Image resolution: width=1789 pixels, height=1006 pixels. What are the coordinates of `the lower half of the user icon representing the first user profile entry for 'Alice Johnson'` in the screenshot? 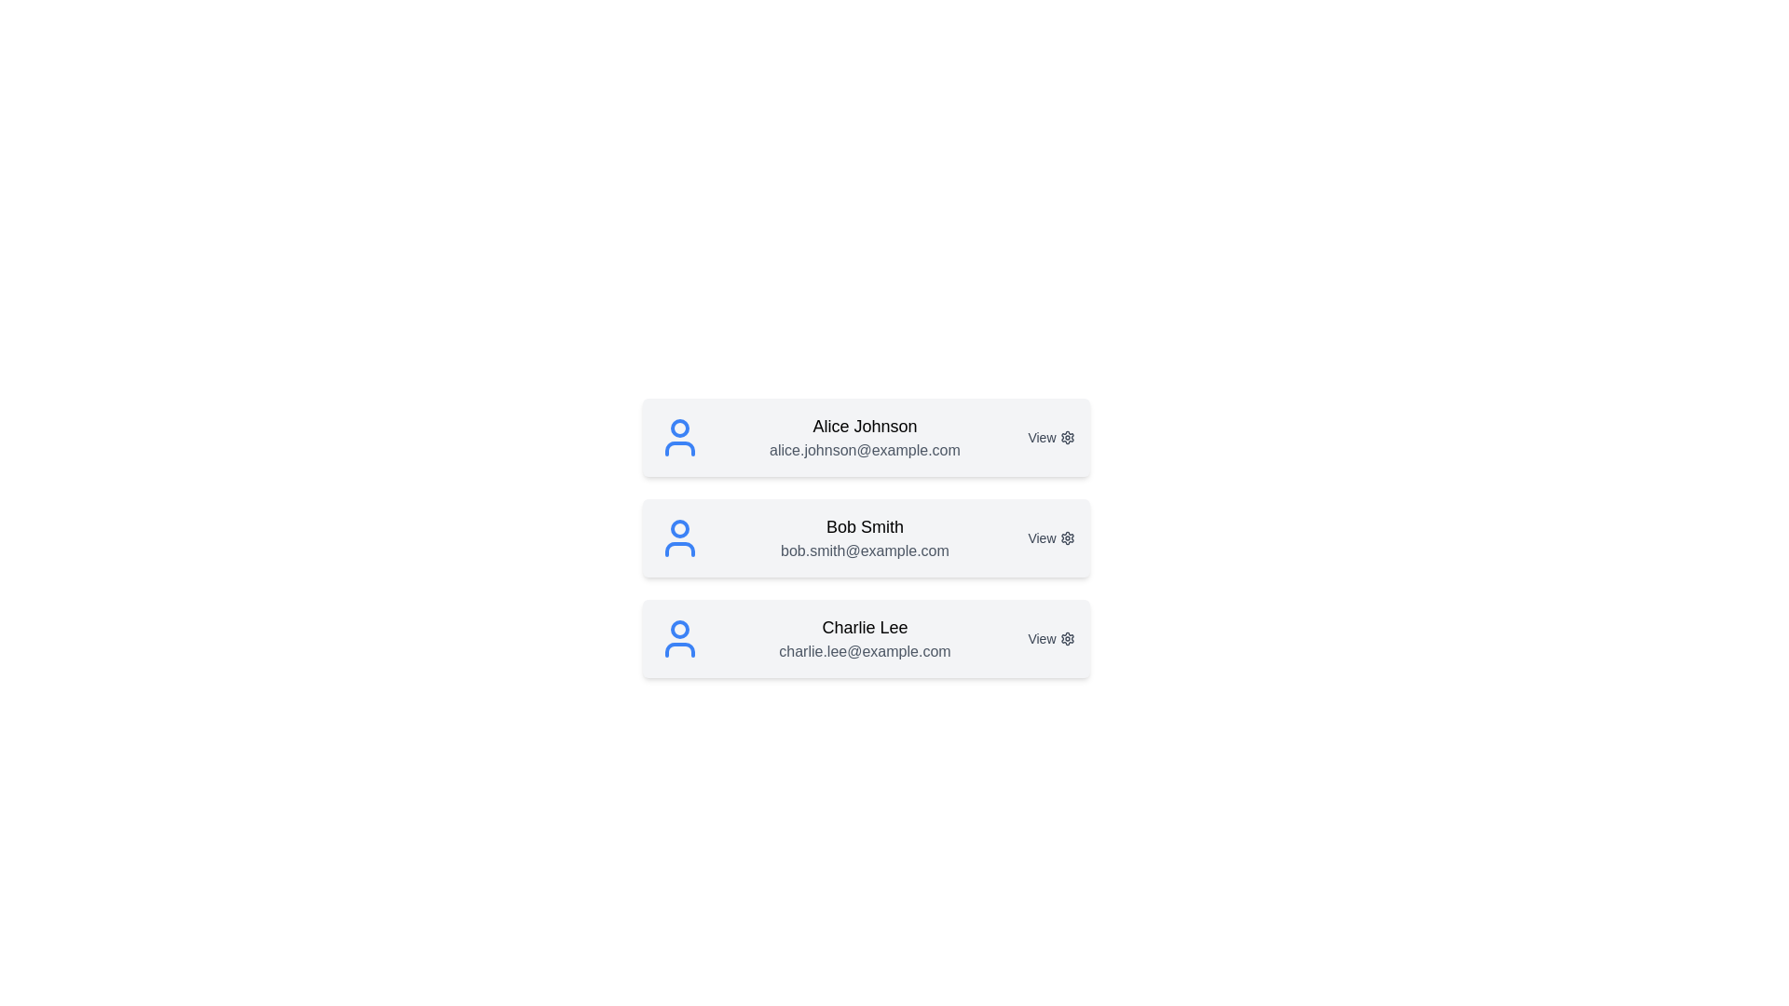 It's located at (678, 449).